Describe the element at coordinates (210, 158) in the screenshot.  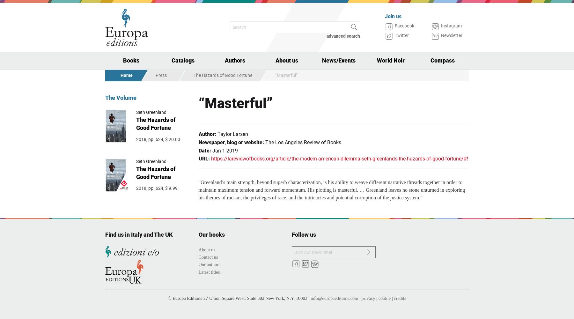
I see `'https://lareviewofbooks.org/article/the-modern-american-dilemma-seth-greenlands-the-hazards-of-good-fortune/#!'` at that location.